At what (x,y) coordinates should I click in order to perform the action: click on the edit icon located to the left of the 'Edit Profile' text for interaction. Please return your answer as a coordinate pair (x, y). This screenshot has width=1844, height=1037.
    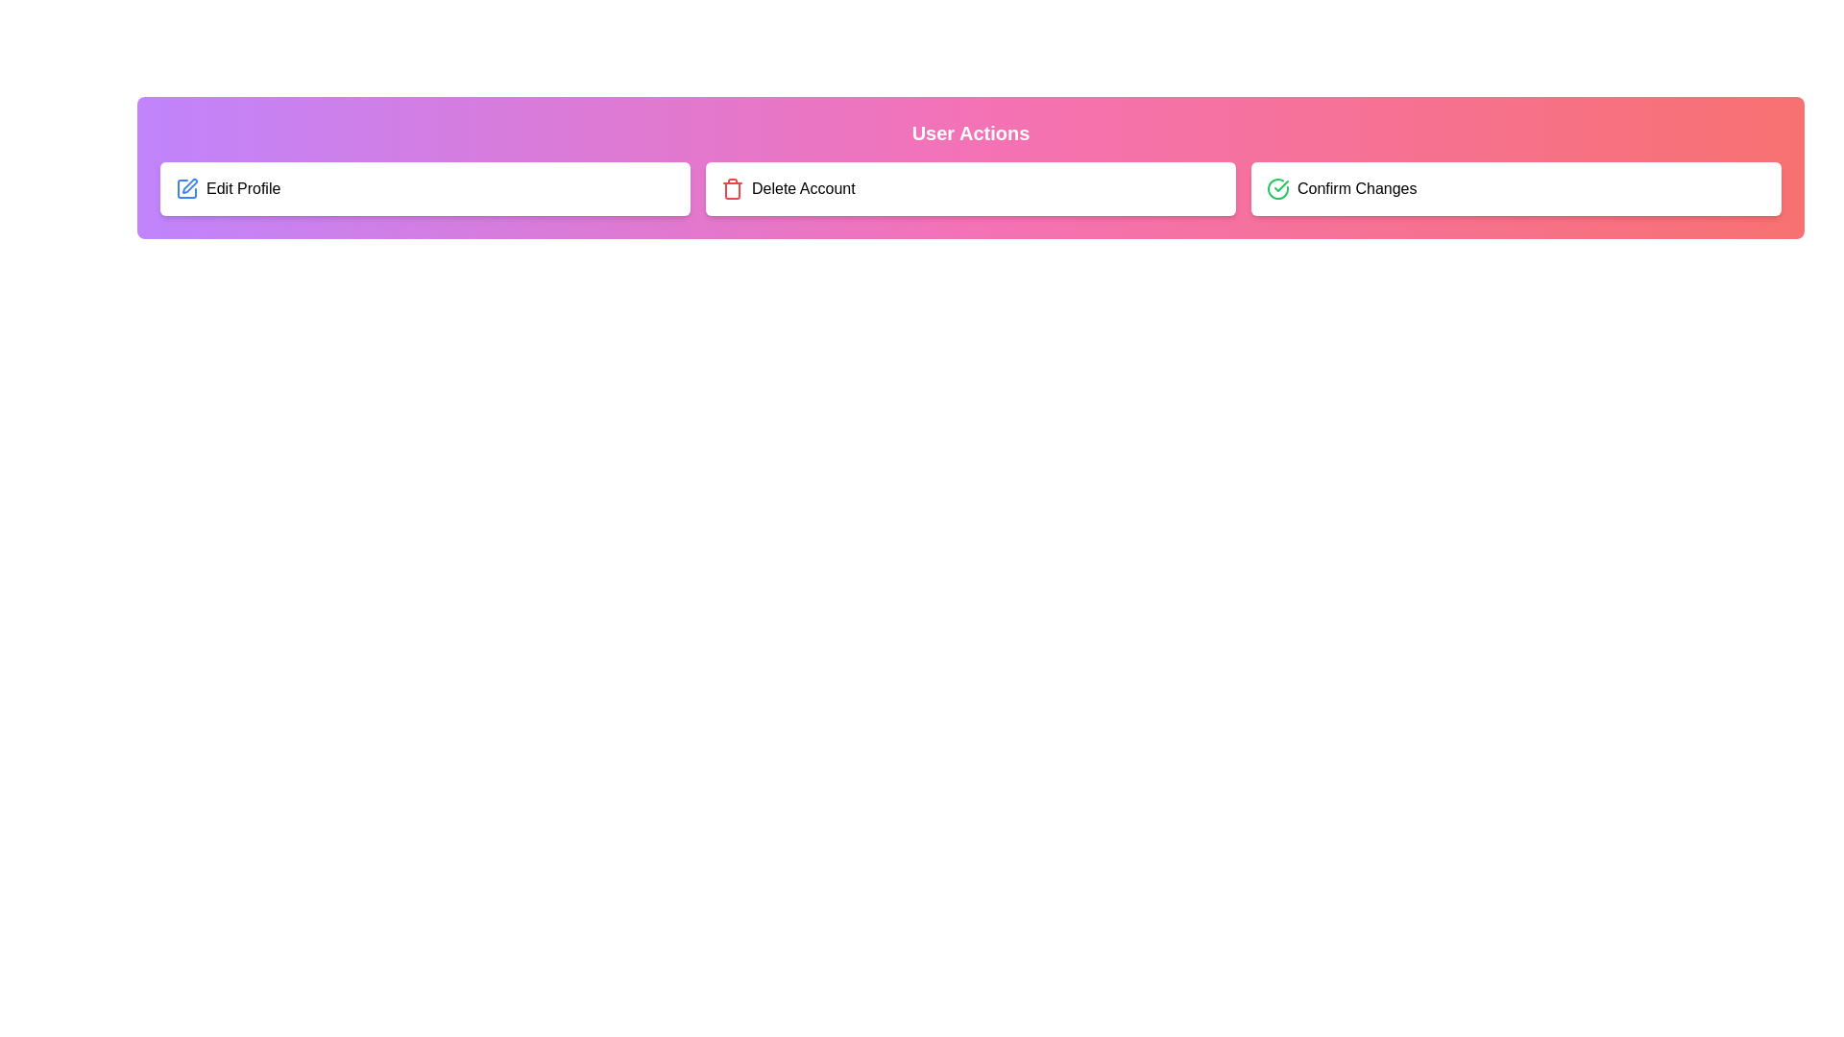
    Looking at the image, I should click on (187, 188).